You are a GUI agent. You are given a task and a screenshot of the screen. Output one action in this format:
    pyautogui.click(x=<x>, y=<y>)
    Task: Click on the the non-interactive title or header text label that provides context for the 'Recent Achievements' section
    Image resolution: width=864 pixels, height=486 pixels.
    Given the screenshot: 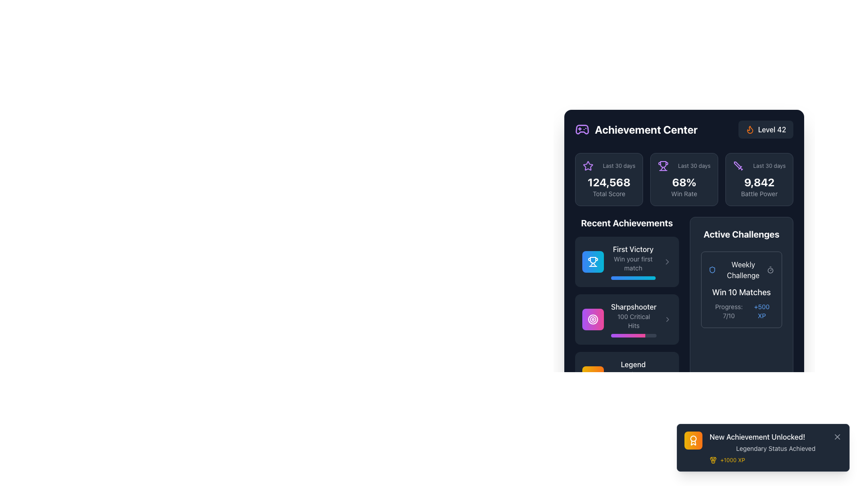 What is the action you would take?
    pyautogui.click(x=626, y=223)
    